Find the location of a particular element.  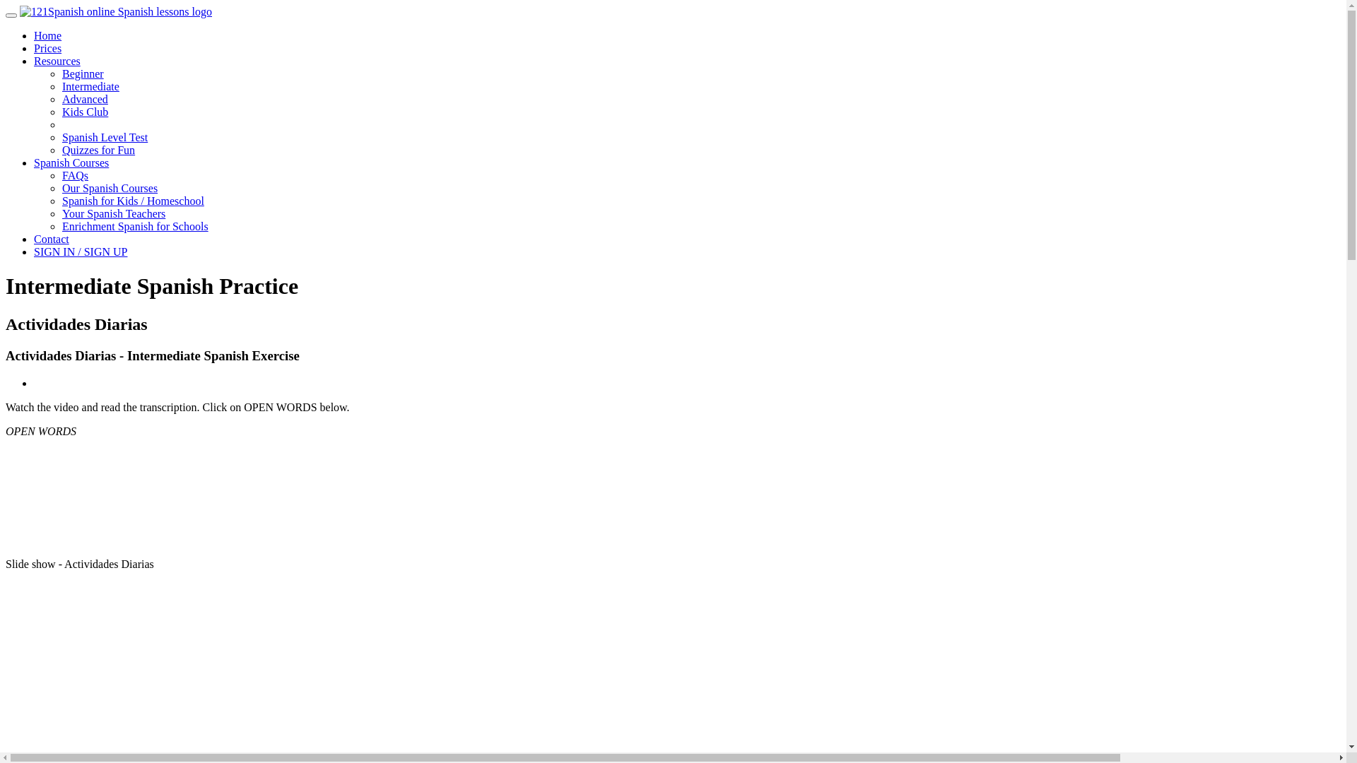

'Resources' is located at coordinates (57, 60).